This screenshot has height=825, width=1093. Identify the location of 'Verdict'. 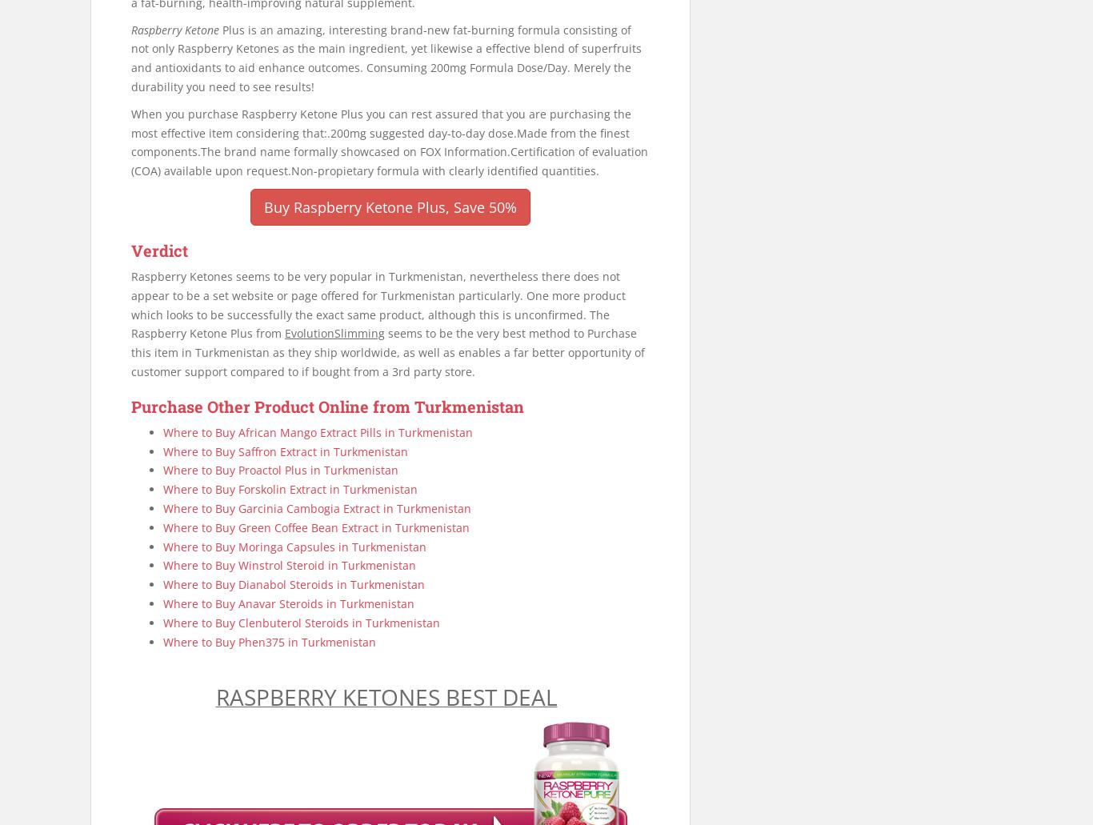
(158, 248).